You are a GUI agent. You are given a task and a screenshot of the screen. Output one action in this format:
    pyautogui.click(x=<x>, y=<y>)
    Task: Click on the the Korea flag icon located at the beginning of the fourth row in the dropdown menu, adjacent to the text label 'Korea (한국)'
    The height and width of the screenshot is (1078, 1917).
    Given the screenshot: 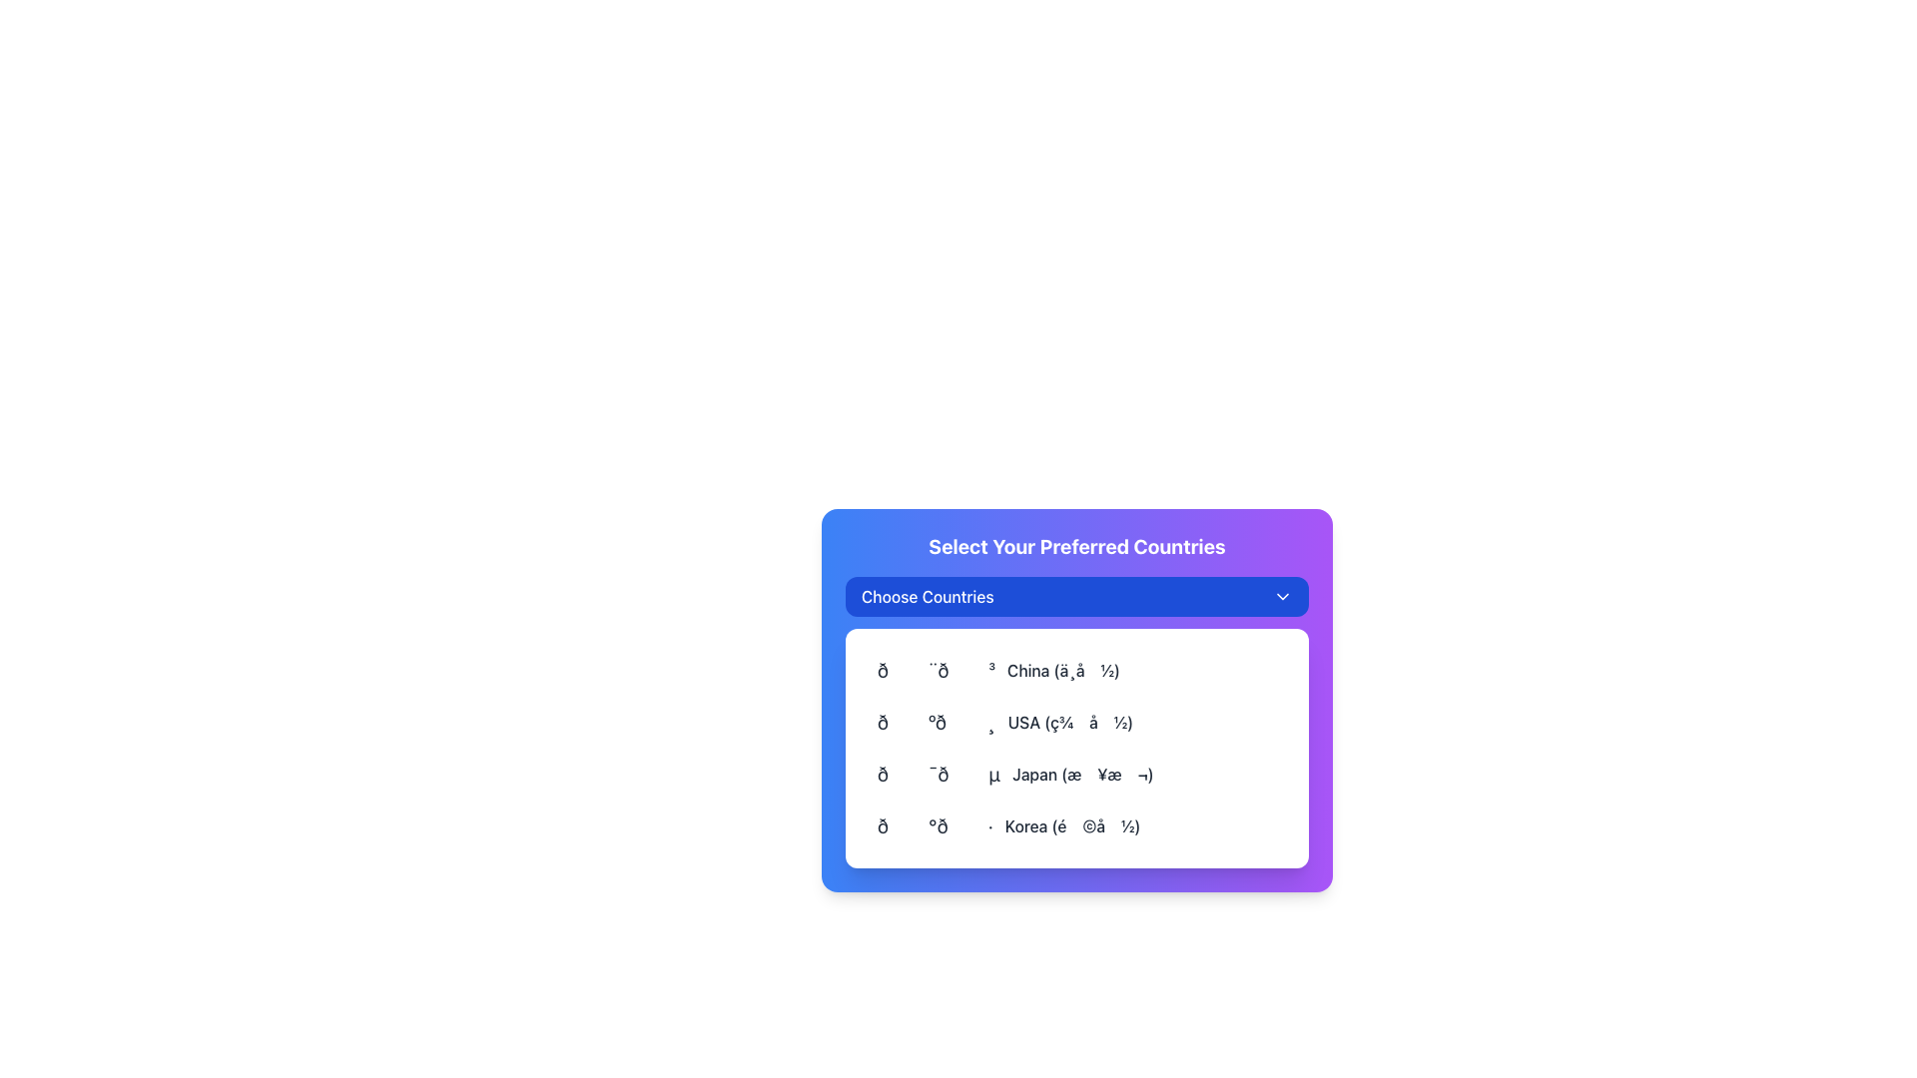 What is the action you would take?
    pyautogui.click(x=934, y=826)
    